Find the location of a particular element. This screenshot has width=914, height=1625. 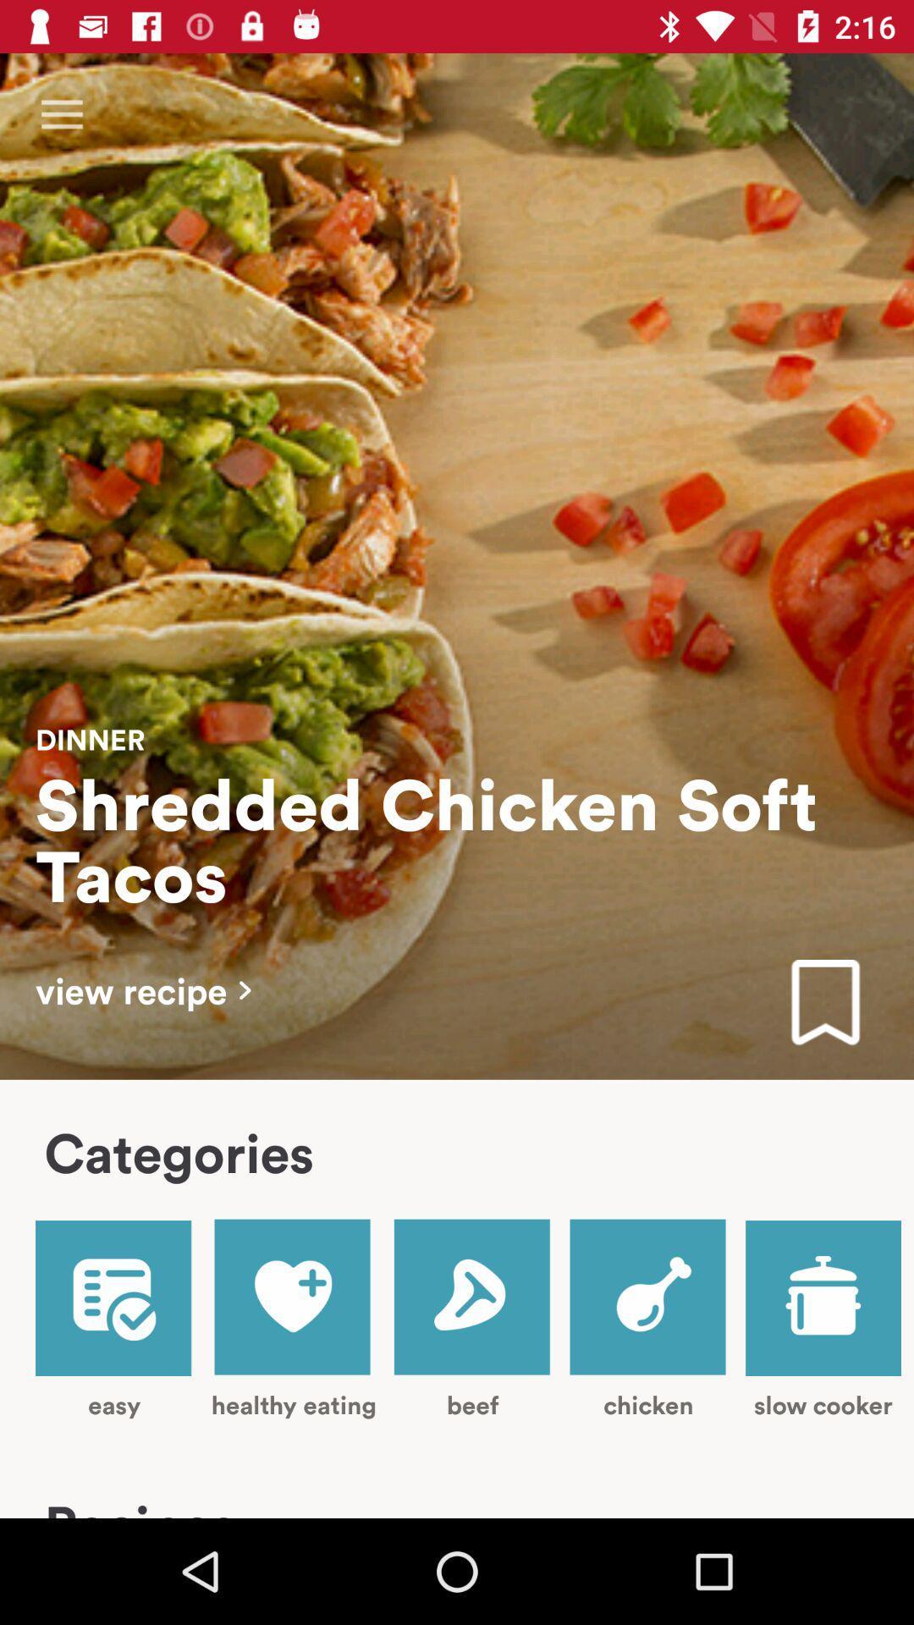

the bookmark icon is located at coordinates (824, 1004).